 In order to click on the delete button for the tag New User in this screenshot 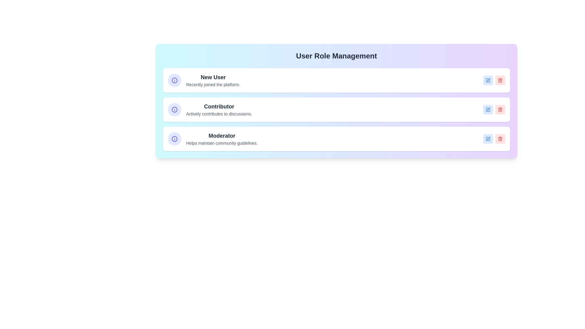, I will do `click(500, 80)`.